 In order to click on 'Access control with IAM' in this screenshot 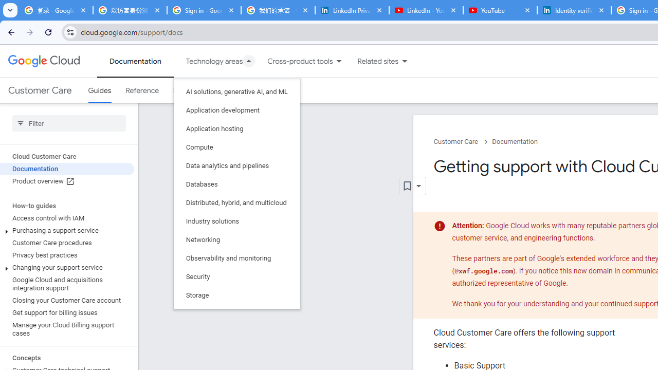, I will do `click(66, 218)`.